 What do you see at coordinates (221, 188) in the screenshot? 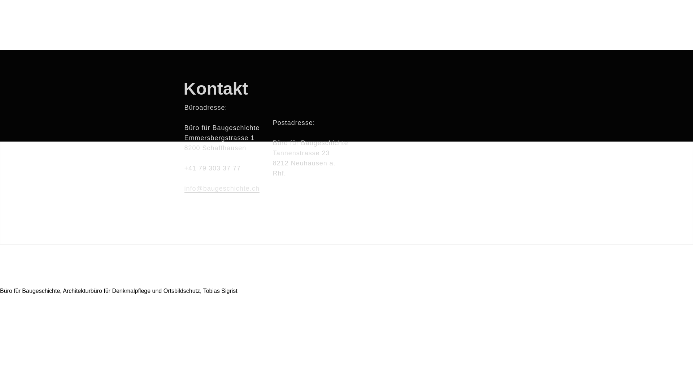
I see `'info@baugeschichte.ch'` at bounding box center [221, 188].